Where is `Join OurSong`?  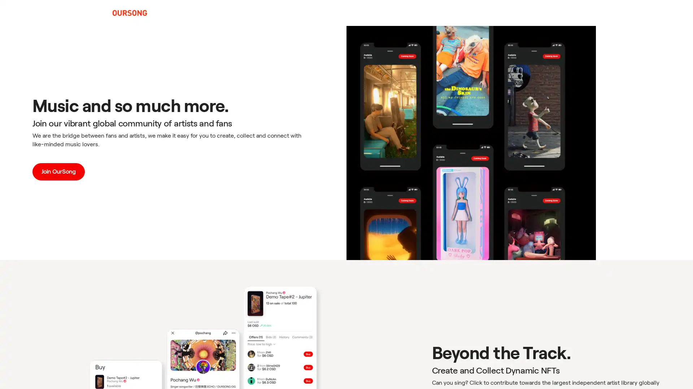
Join OurSong is located at coordinates (58, 172).